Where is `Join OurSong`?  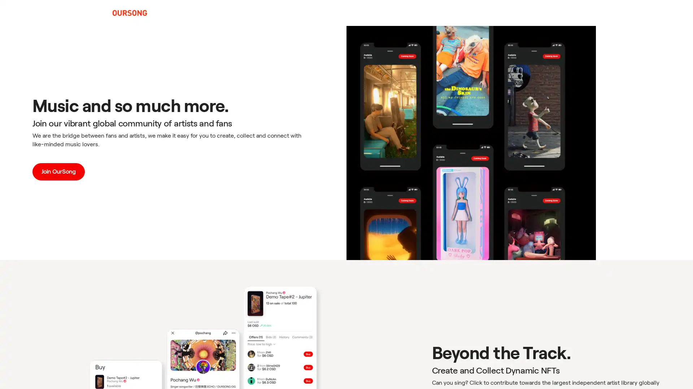
Join OurSong is located at coordinates (58, 172).